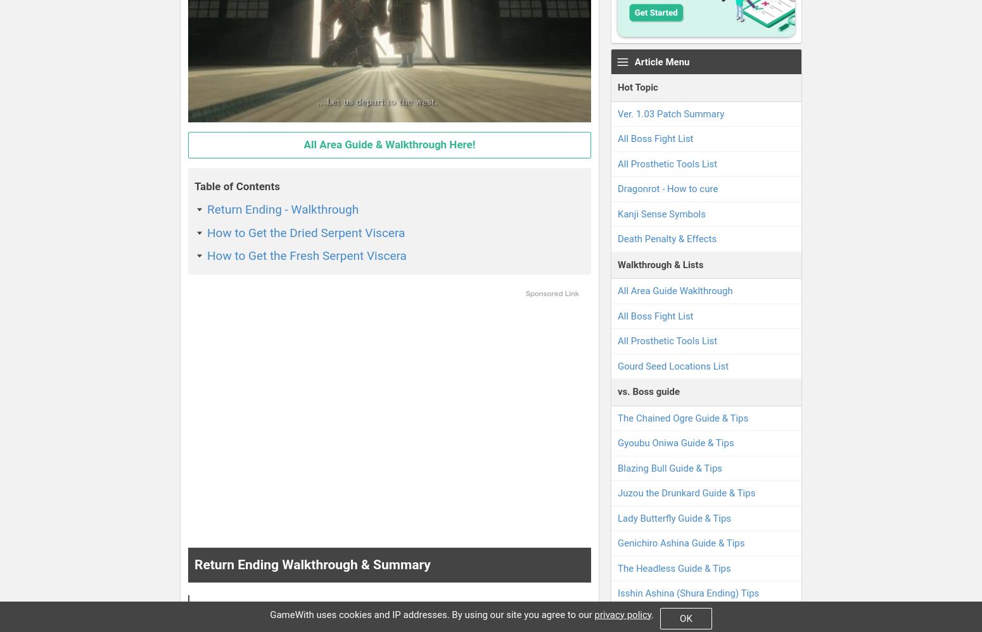 The height and width of the screenshot is (632, 982). Describe the element at coordinates (661, 212) in the screenshot. I see `'Kanji Sense Symbols'` at that location.